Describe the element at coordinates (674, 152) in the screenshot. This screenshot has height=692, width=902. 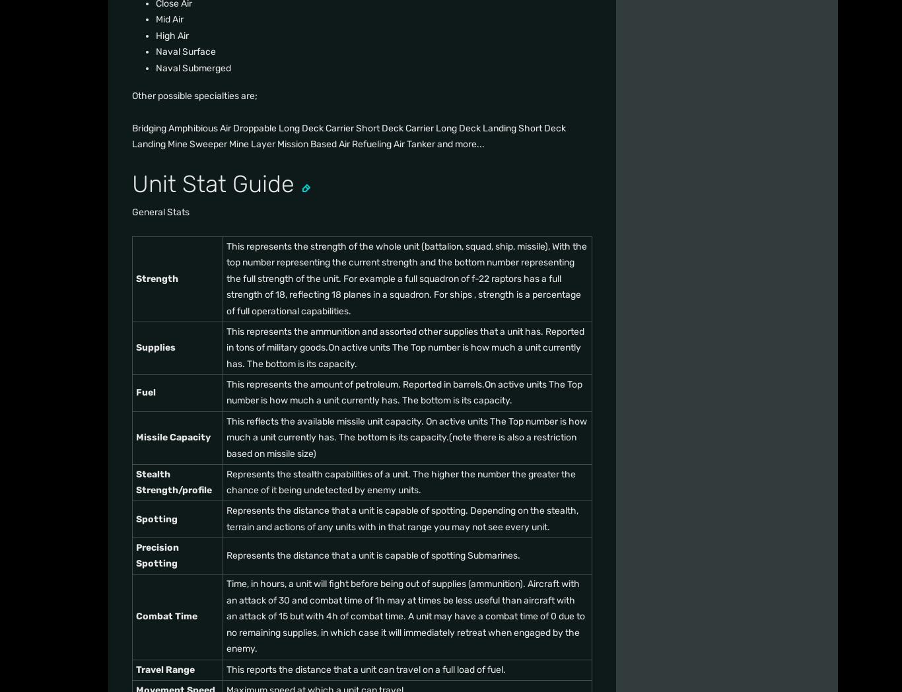
I see `'Fandom Apps'` at that location.